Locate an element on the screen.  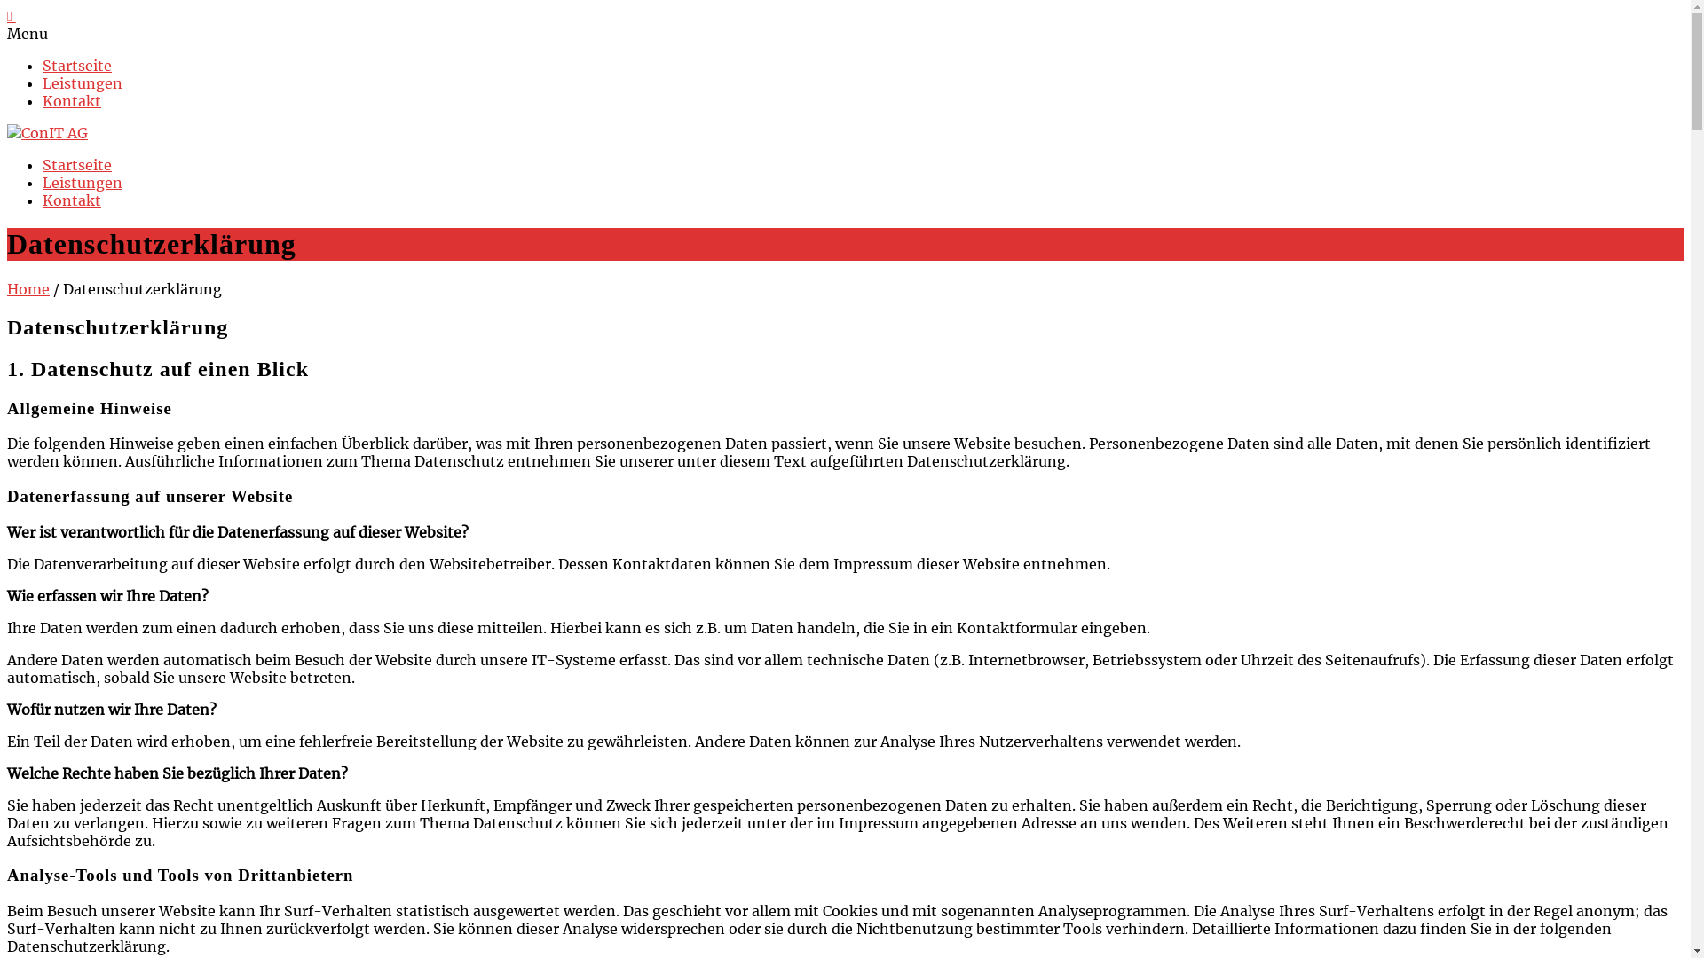
'Kontakt' is located at coordinates (71, 101).